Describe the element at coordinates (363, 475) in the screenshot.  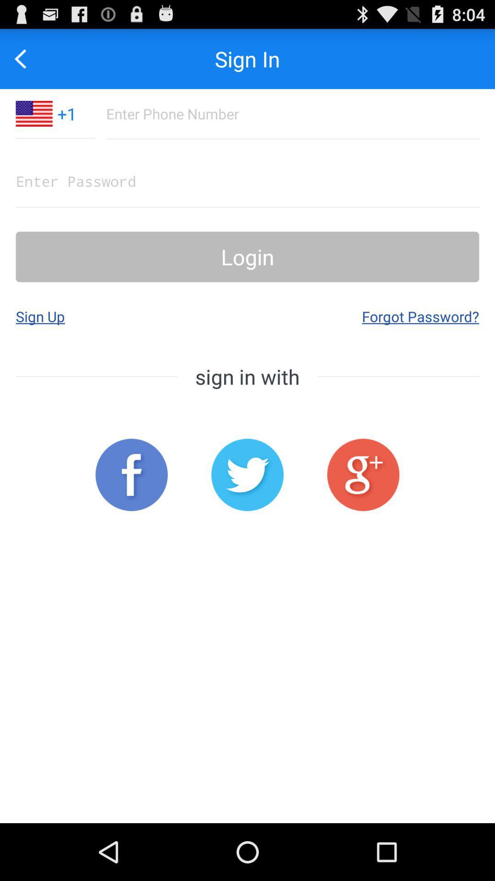
I see `share on google plus` at that location.